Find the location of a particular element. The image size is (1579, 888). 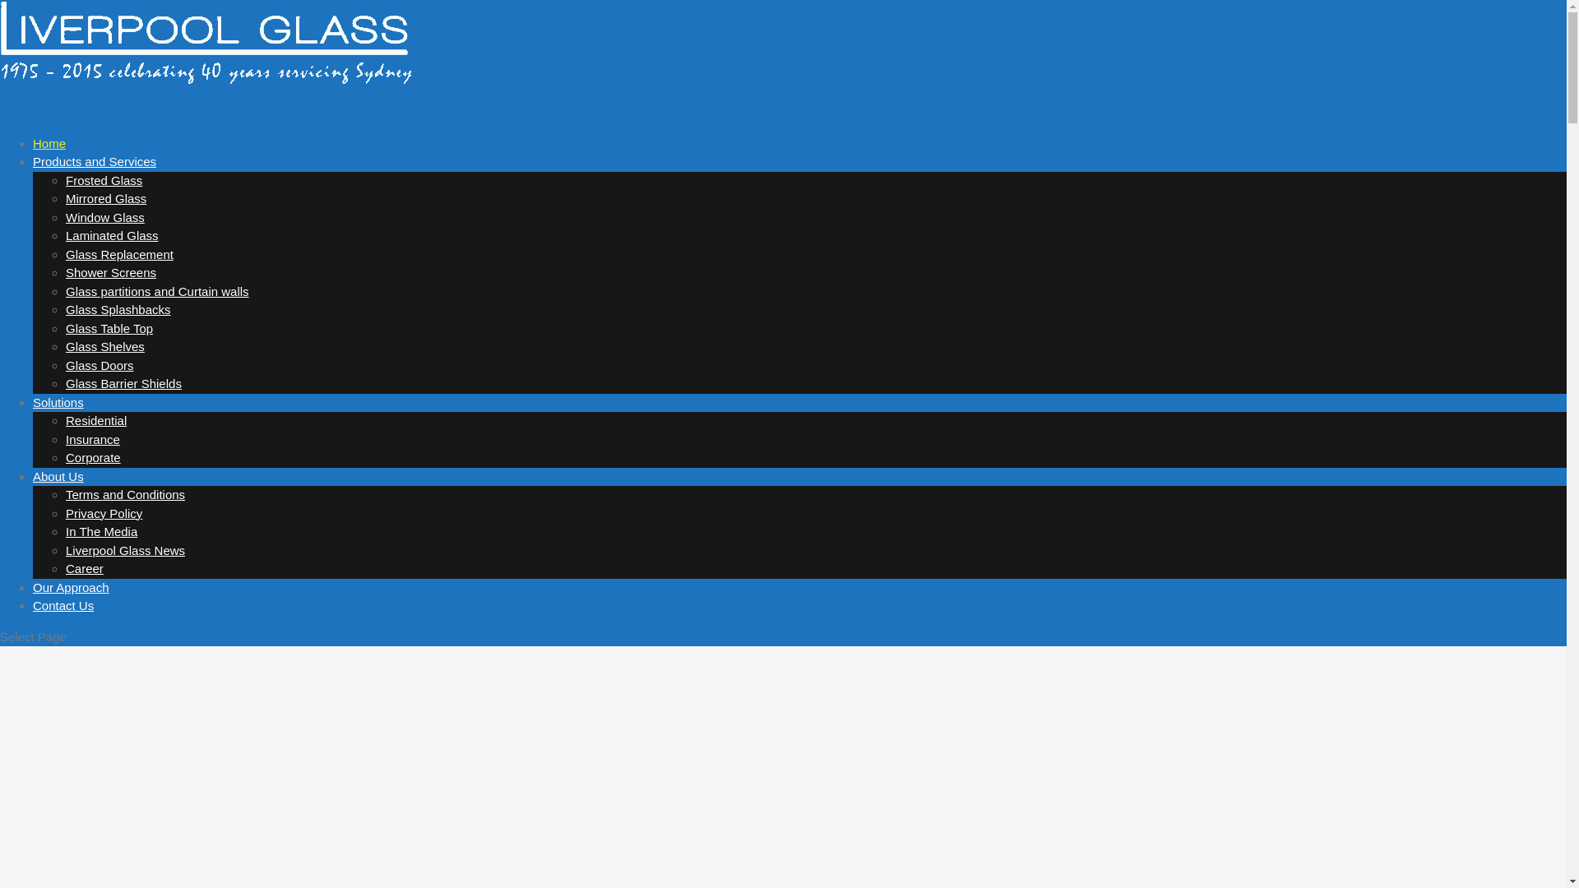

'Glass Barrier Shields' is located at coordinates (123, 383).